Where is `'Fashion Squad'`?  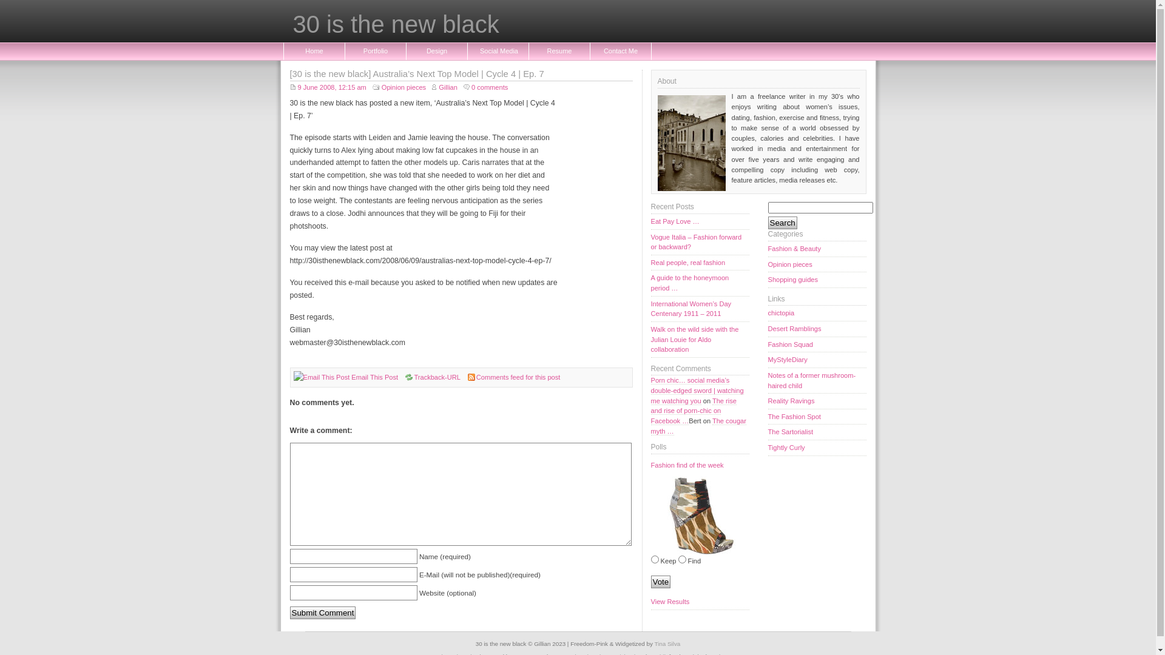 'Fashion Squad' is located at coordinates (817, 345).